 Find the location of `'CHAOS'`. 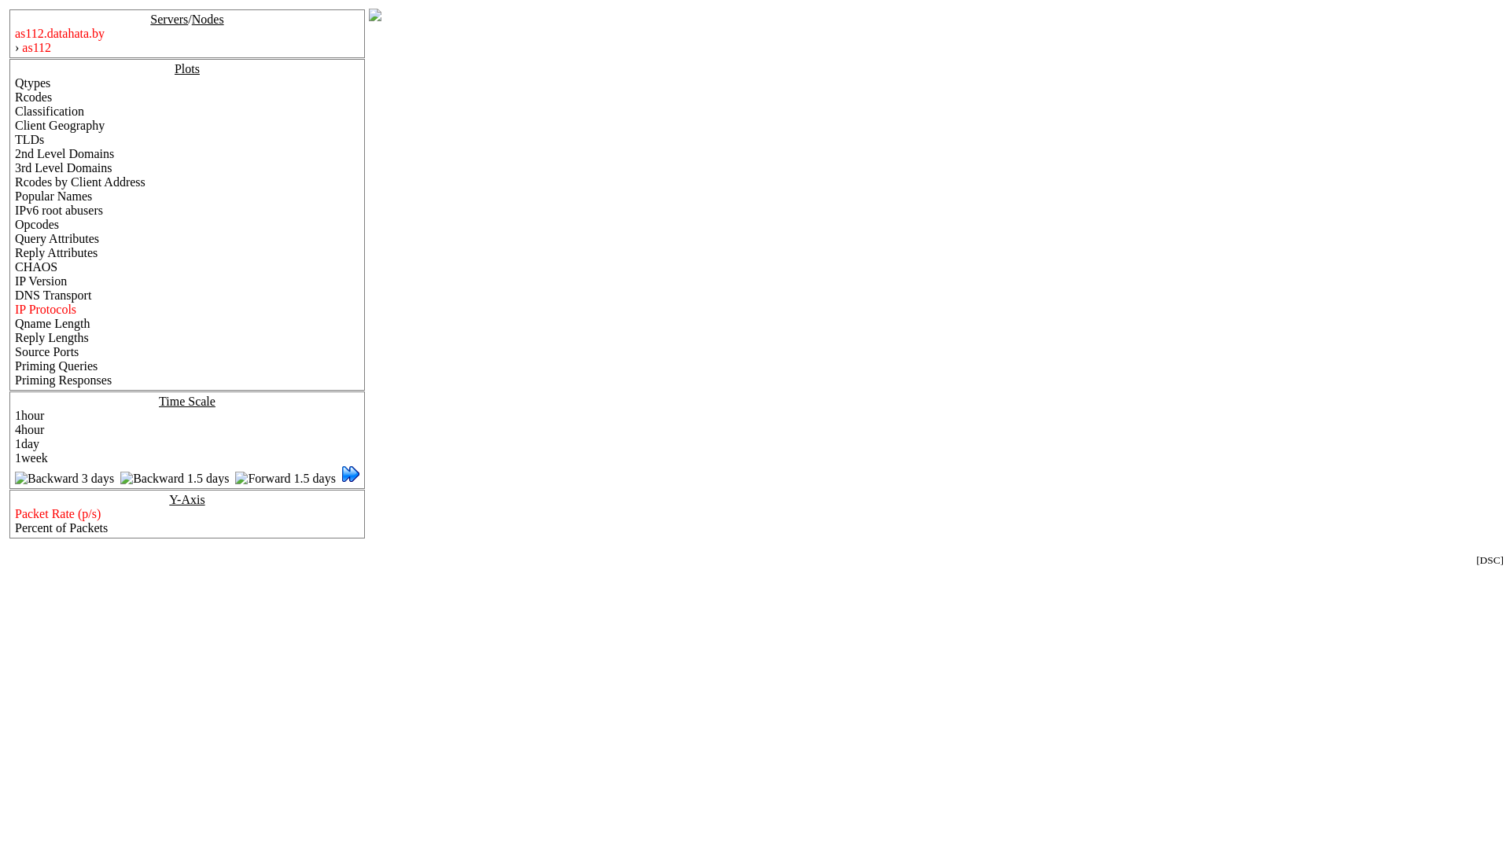

'CHAOS' is located at coordinates (36, 266).